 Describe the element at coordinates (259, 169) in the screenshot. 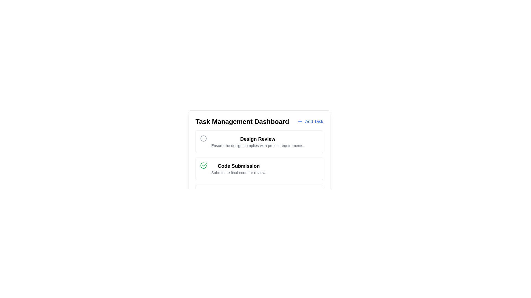

I see `the second task entry titled 'Code Submission' in the task management dashboard` at that location.